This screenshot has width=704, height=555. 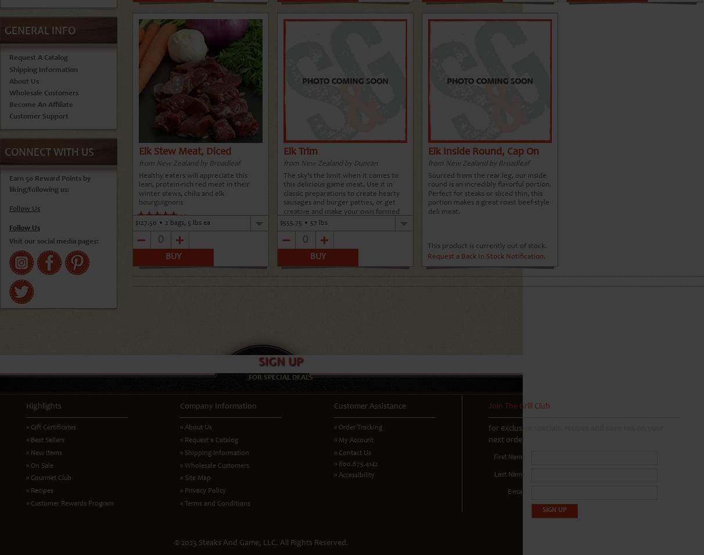 What do you see at coordinates (516, 492) in the screenshot?
I see `'E-mail'` at bounding box center [516, 492].